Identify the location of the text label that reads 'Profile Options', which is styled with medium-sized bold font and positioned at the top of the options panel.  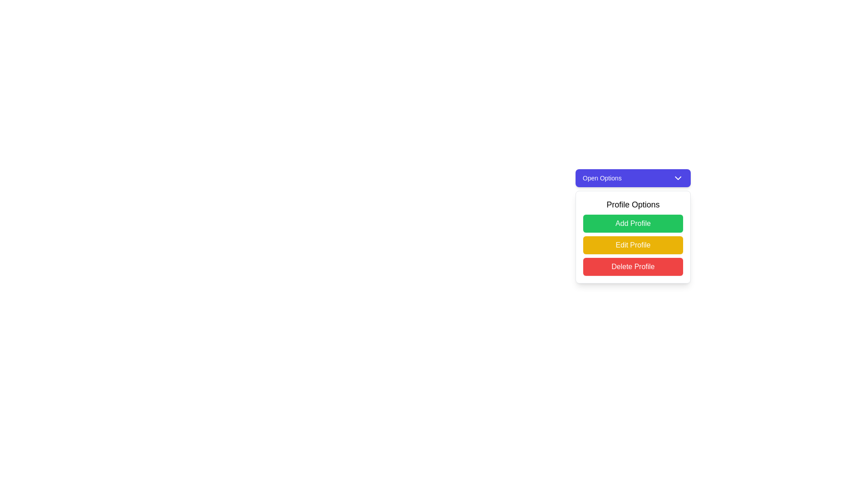
(632, 205).